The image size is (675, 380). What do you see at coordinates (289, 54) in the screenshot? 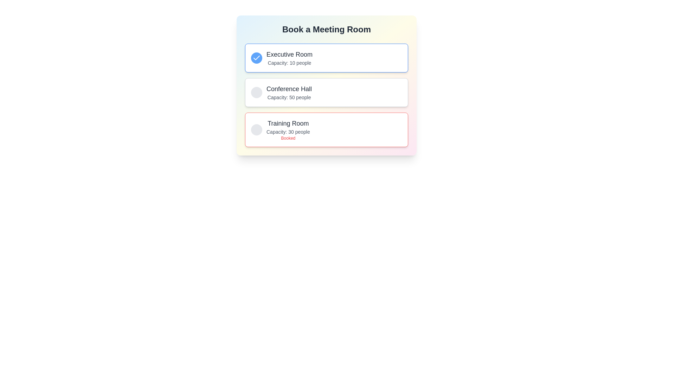
I see `the 'Executive Room' text label, which is a bold, dark gray label located at the top of the first meeting room selection card` at bounding box center [289, 54].